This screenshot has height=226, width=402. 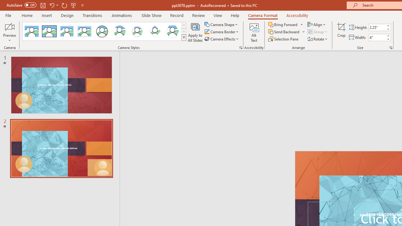 I want to click on 'Apply to All Slides', so click(x=195, y=32).